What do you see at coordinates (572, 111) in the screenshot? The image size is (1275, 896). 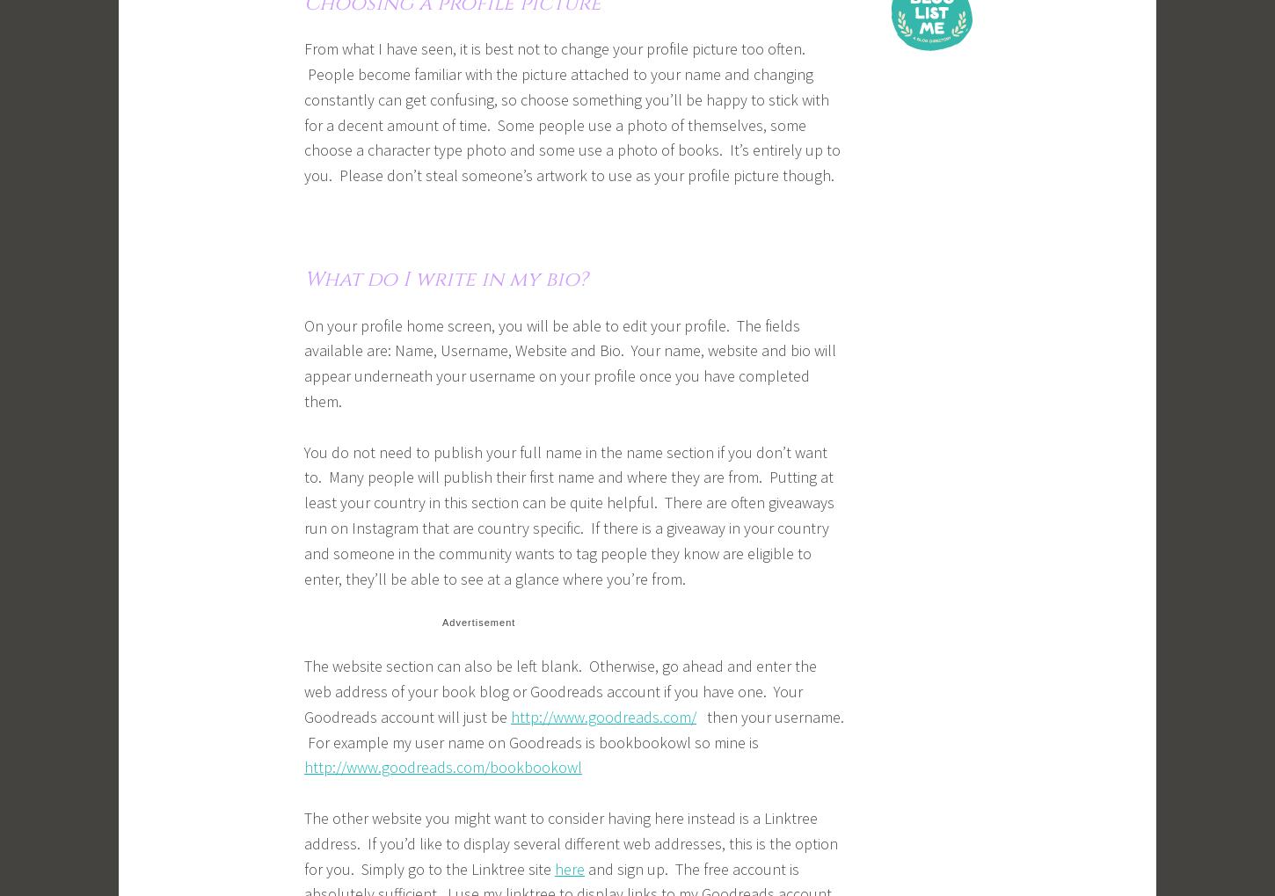 I see `'From what I have seen, it is best not to change your profile picture too often.  People become familiar with the picture attached to your name and changing constantly can get confusing, so choose something you’ll be happy to stick with for a decent amount of time.  Some people use a photo of themselves, some choose a character type photo and some use a photo of books.  It’s entirely up to you.  Please don’t steal someone’s artwork to use as your profile picture though.'` at bounding box center [572, 111].